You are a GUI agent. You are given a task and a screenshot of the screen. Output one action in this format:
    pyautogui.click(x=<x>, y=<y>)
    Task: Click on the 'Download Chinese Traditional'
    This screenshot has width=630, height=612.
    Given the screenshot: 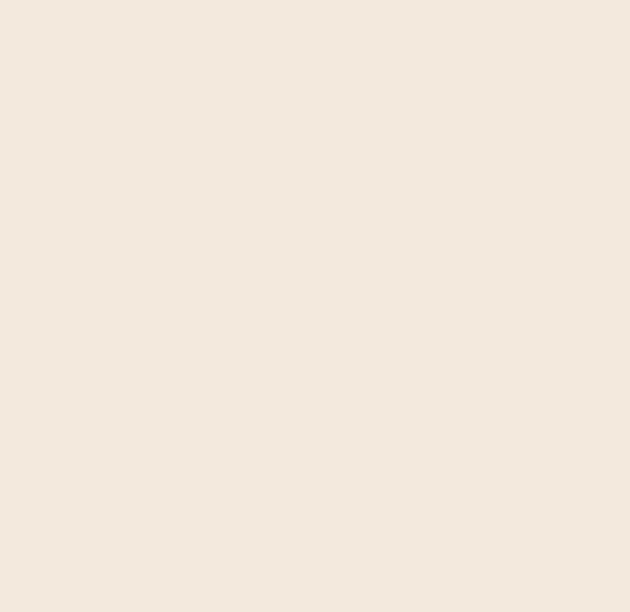 What is the action you would take?
    pyautogui.click(x=77, y=319)
    